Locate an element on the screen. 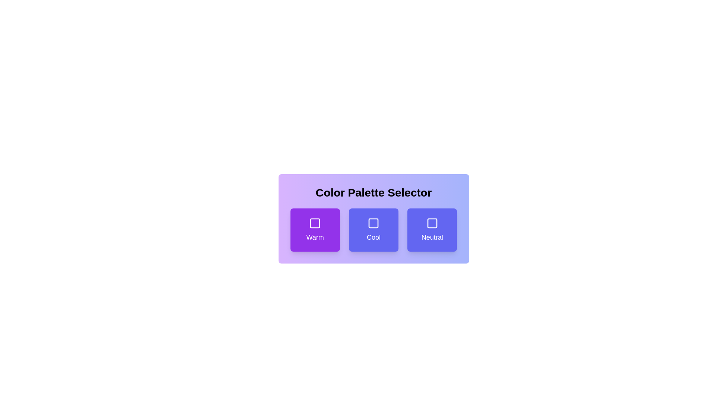  the Warm button to activate it is located at coordinates (315, 229).